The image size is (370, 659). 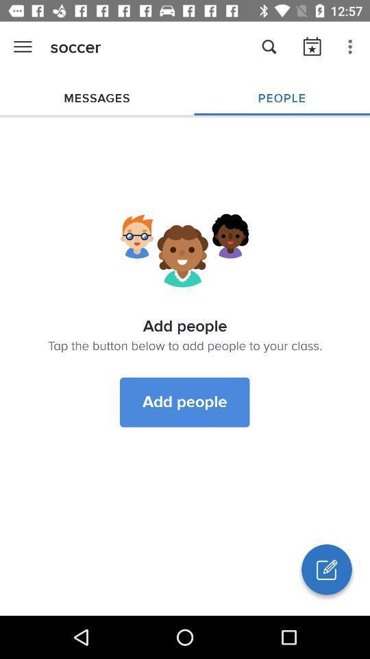 What do you see at coordinates (269, 47) in the screenshot?
I see `the search icon at the top of the page` at bounding box center [269, 47].